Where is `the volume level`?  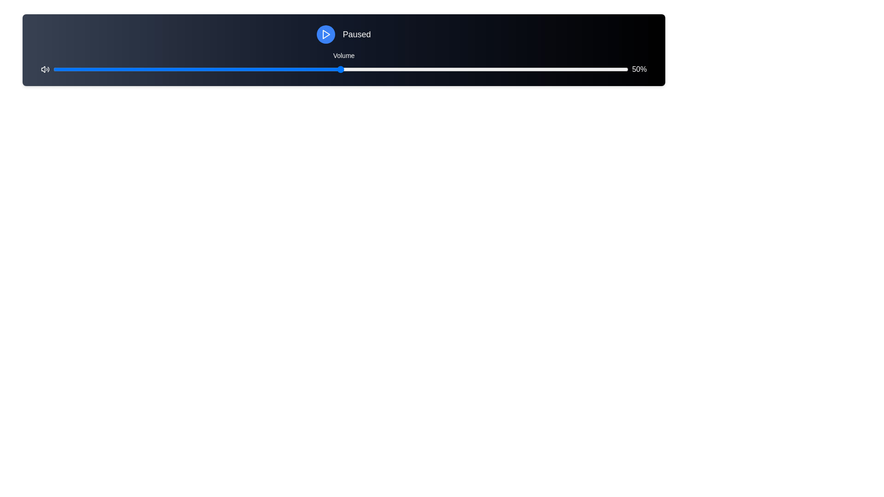 the volume level is located at coordinates (208, 69).